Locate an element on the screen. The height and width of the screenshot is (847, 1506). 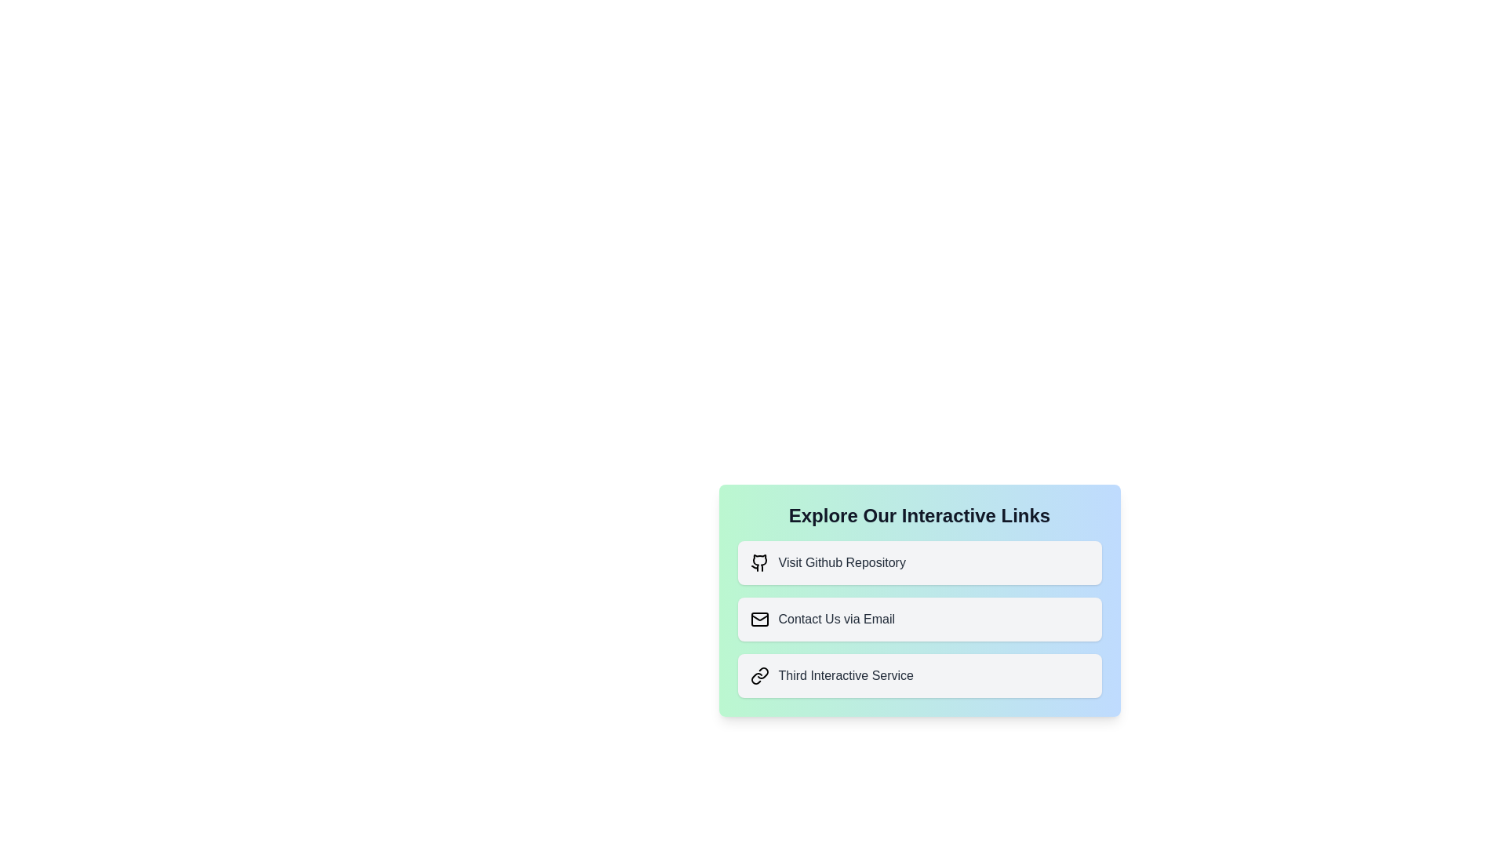
the navigational button linking to the GitHub repository, which is the first button in a vertical list within the 'Explore Our Interactive Links' card section is located at coordinates (919, 562).